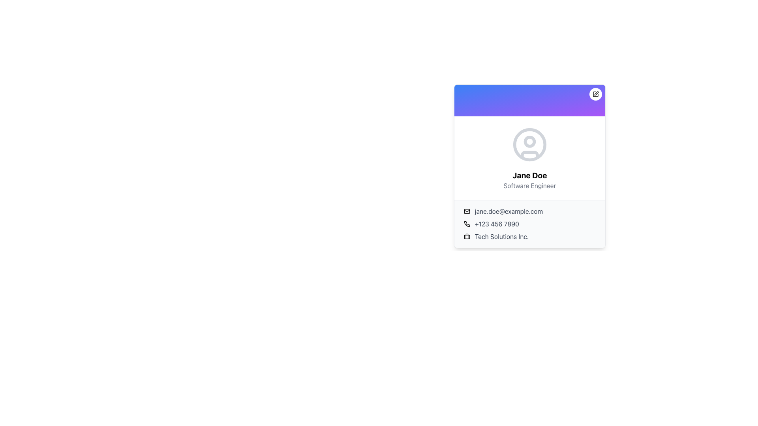  Describe the element at coordinates (530, 141) in the screenshot. I see `the small circle icon within the user information card's SVG profile picture area` at that location.